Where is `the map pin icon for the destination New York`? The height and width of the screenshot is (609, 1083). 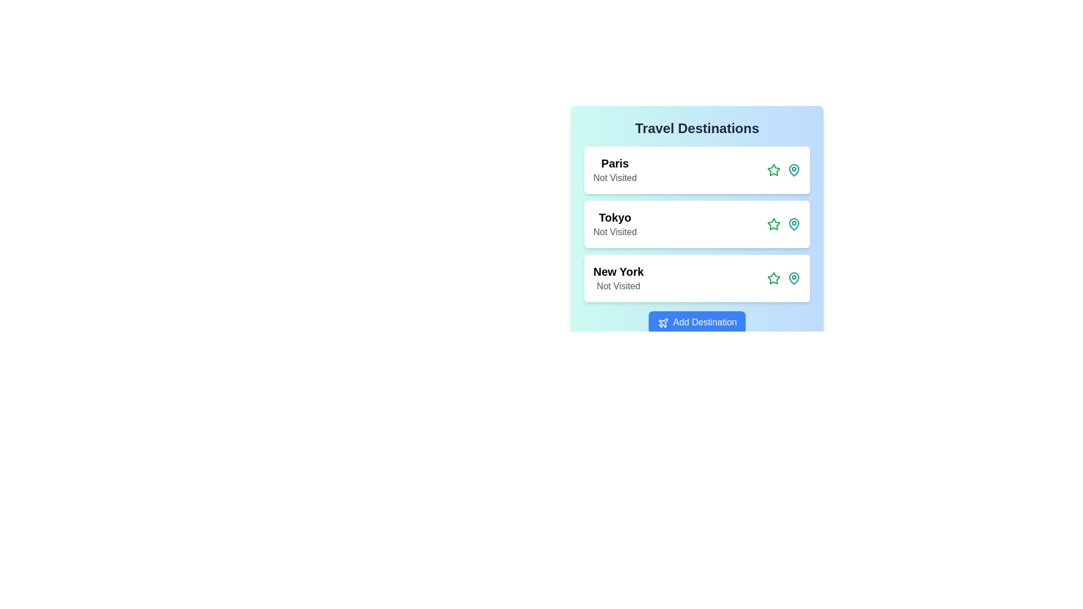
the map pin icon for the destination New York is located at coordinates (793, 278).